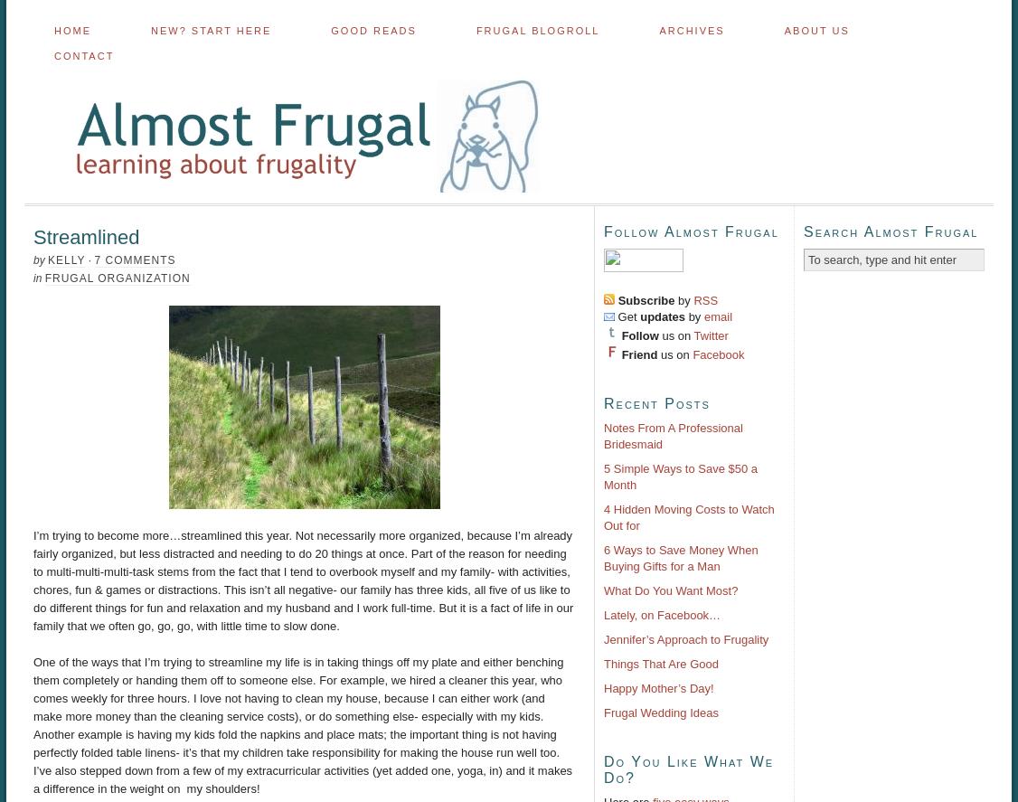  Describe the element at coordinates (803, 230) in the screenshot. I see `'Search Almost Frugal'` at that location.